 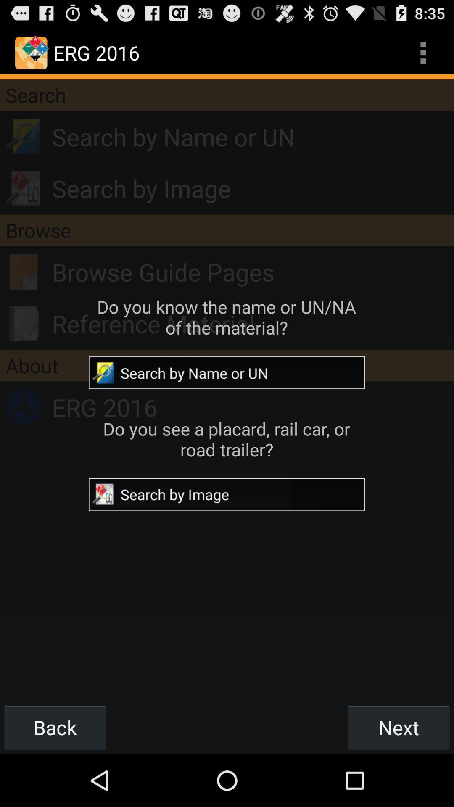 I want to click on about icon, so click(x=227, y=365).